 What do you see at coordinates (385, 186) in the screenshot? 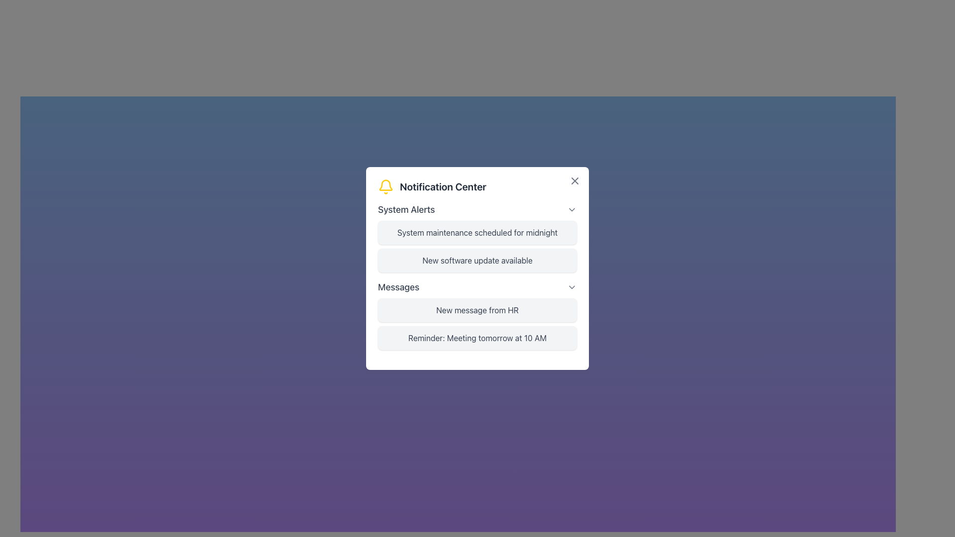
I see `the notification icon located at the leftmost side of the header section of the 'Notification Center' widget, adjacent to the text labeled 'Notification Center'` at bounding box center [385, 186].